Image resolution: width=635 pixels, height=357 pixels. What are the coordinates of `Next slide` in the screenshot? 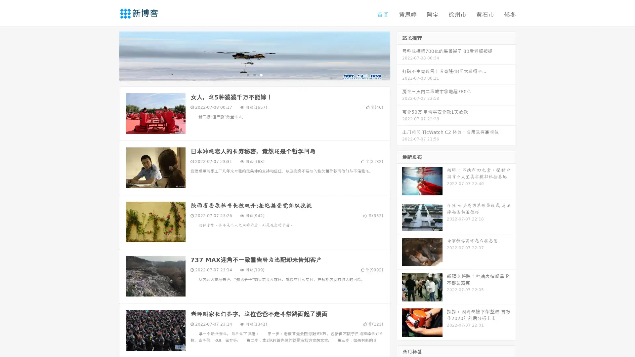 It's located at (400, 56).